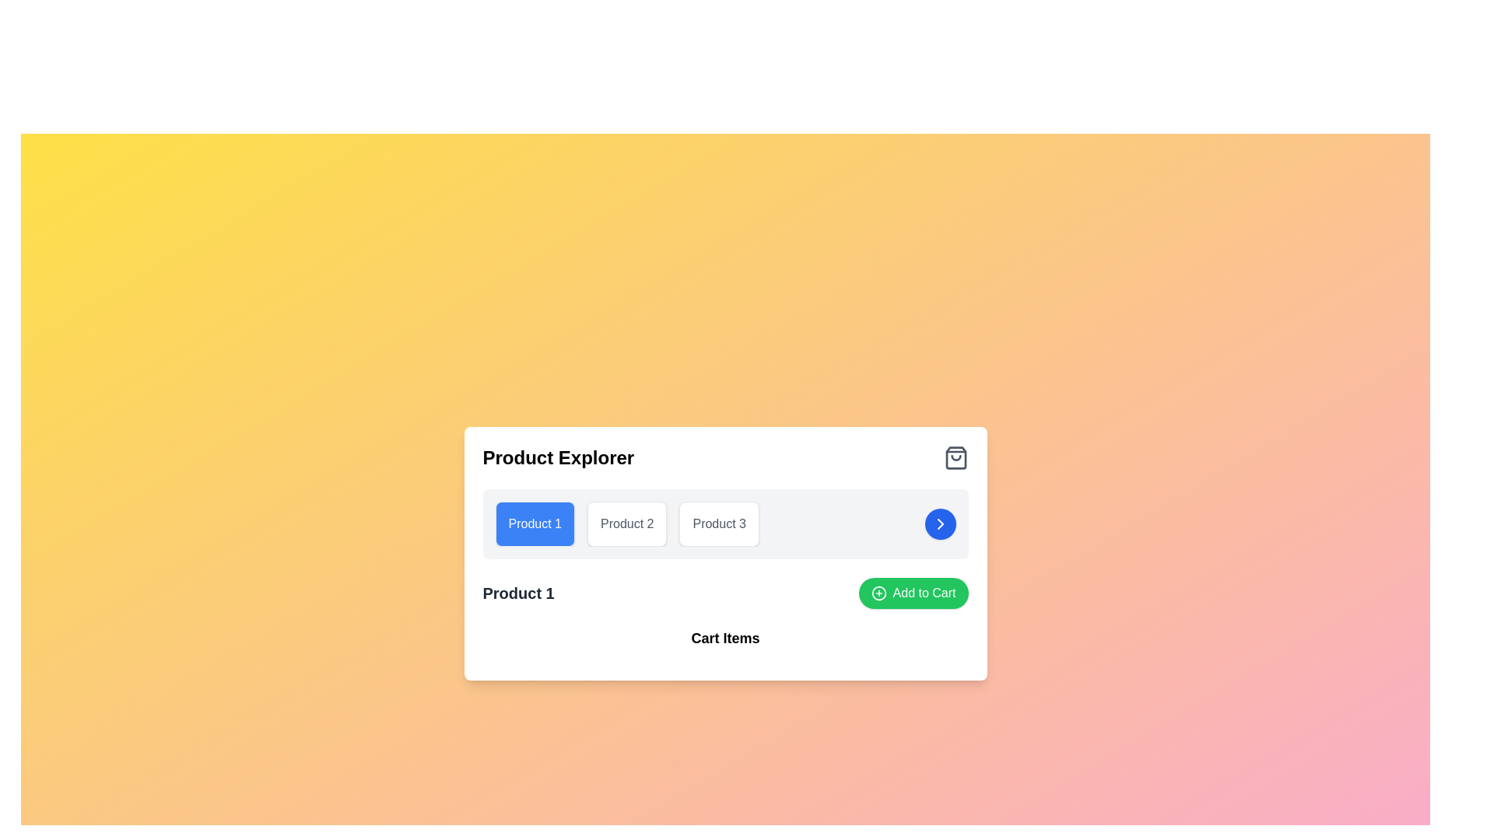  Describe the element at coordinates (535, 523) in the screenshot. I see `the 'Product 1' button, which is a blue rectangular button with rounded corners displaying the text 'Product 1' in bold white font, located` at that location.